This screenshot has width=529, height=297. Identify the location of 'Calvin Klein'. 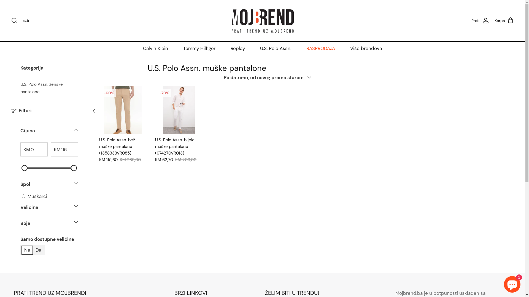
(155, 48).